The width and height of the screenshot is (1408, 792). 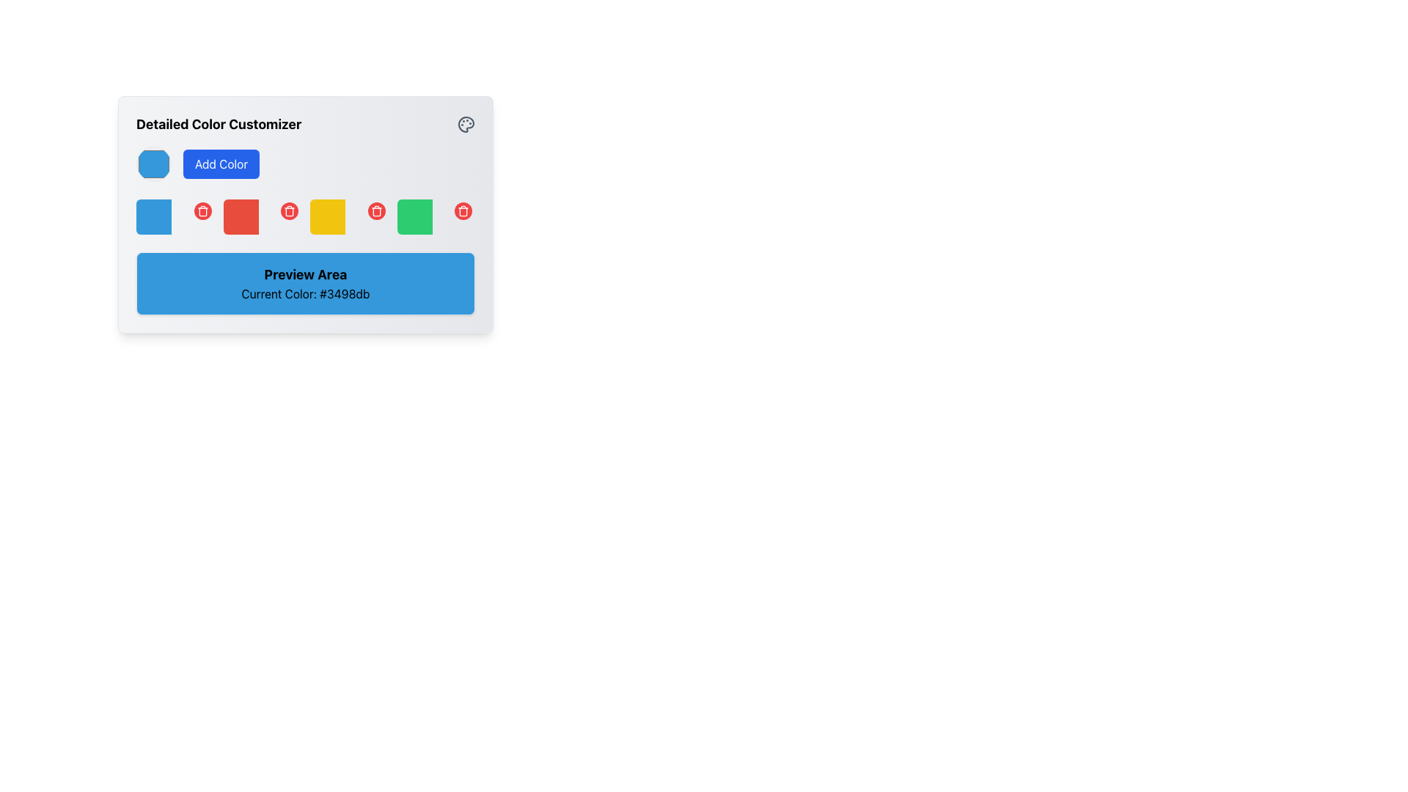 What do you see at coordinates (305, 274) in the screenshot?
I see `the 'Preview Area' text label, which is bold and centered on a blue background, located in the 'Detailed Color Customizer' panel` at bounding box center [305, 274].